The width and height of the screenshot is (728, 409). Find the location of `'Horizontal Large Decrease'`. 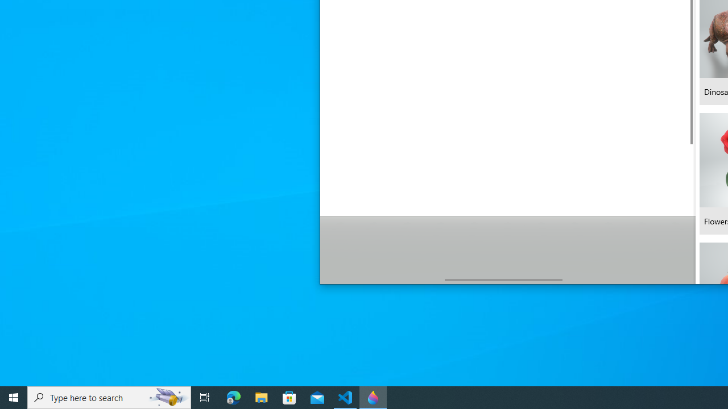

'Horizontal Large Decrease' is located at coordinates (382, 279).